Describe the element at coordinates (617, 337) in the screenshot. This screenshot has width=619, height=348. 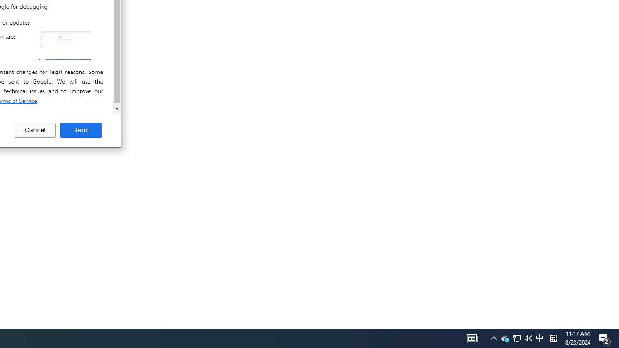
I see `'Show desktop'` at that location.